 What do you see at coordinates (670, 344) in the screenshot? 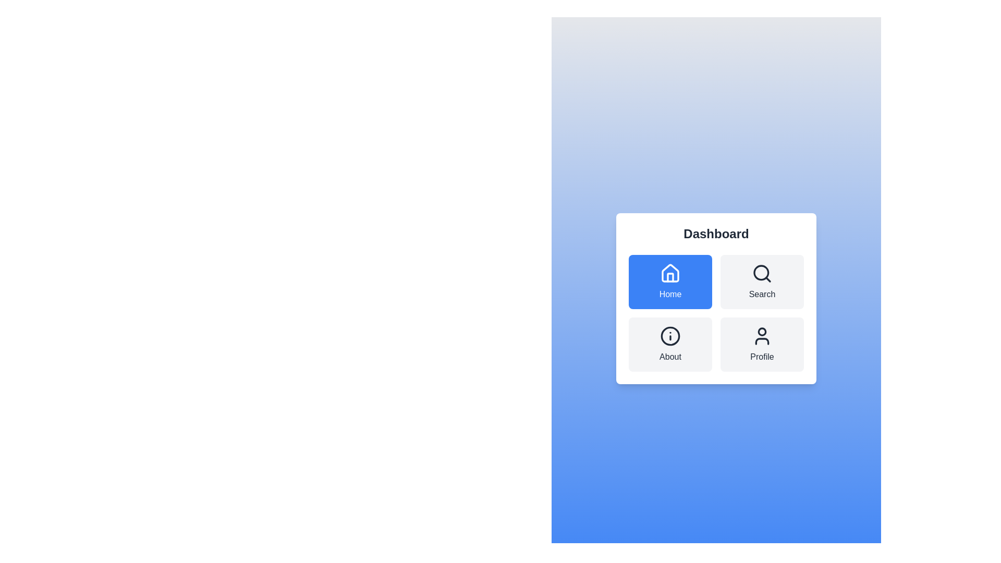
I see `the 'About' button located in the bottom-left corner of the grid layout` at bounding box center [670, 344].